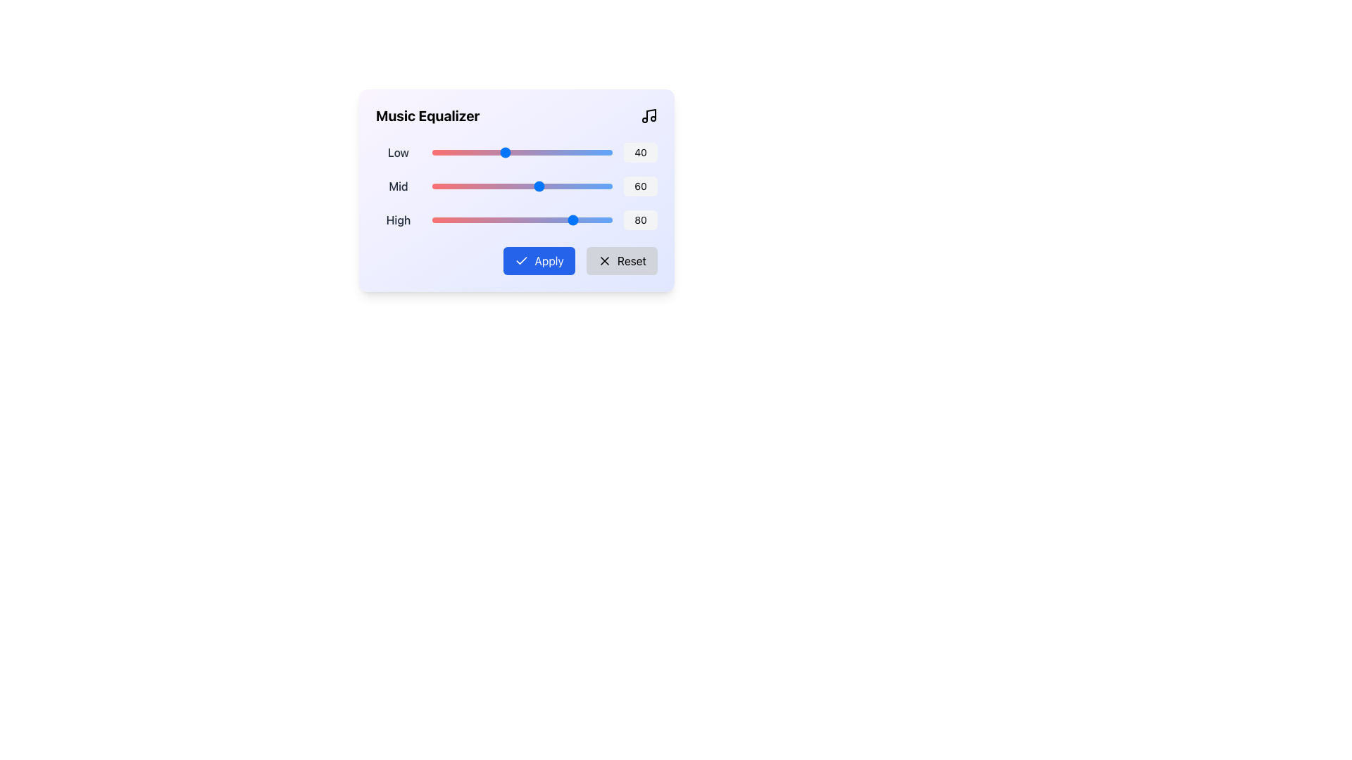  I want to click on the Low frequency equalizer value, so click(477, 152).